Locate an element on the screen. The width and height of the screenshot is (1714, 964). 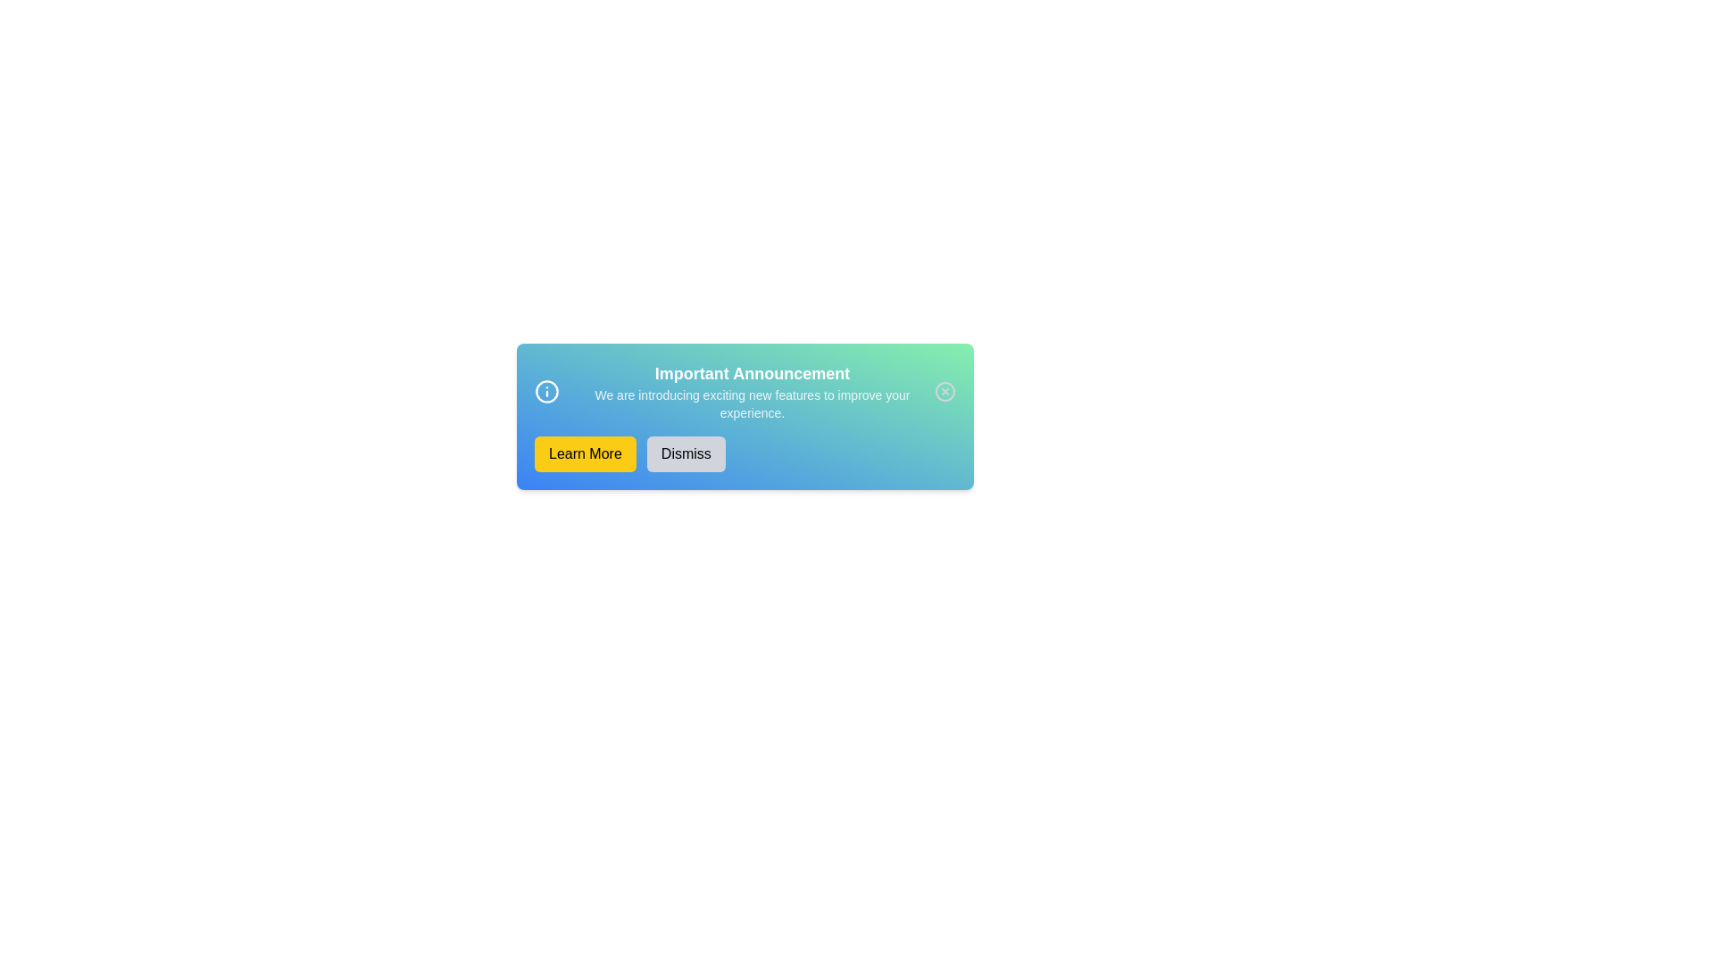
the 'Learn More' button to view additional information is located at coordinates (584, 453).